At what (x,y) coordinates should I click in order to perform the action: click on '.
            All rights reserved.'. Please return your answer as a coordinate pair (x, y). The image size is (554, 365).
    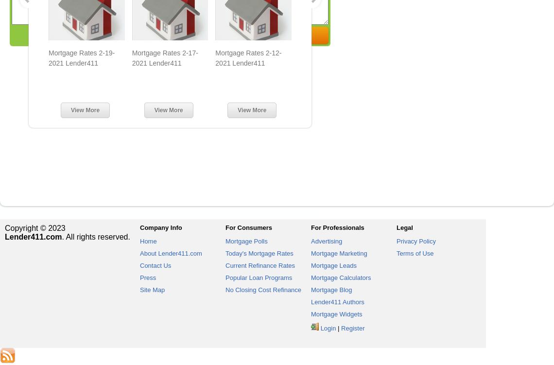
    Looking at the image, I should click on (95, 237).